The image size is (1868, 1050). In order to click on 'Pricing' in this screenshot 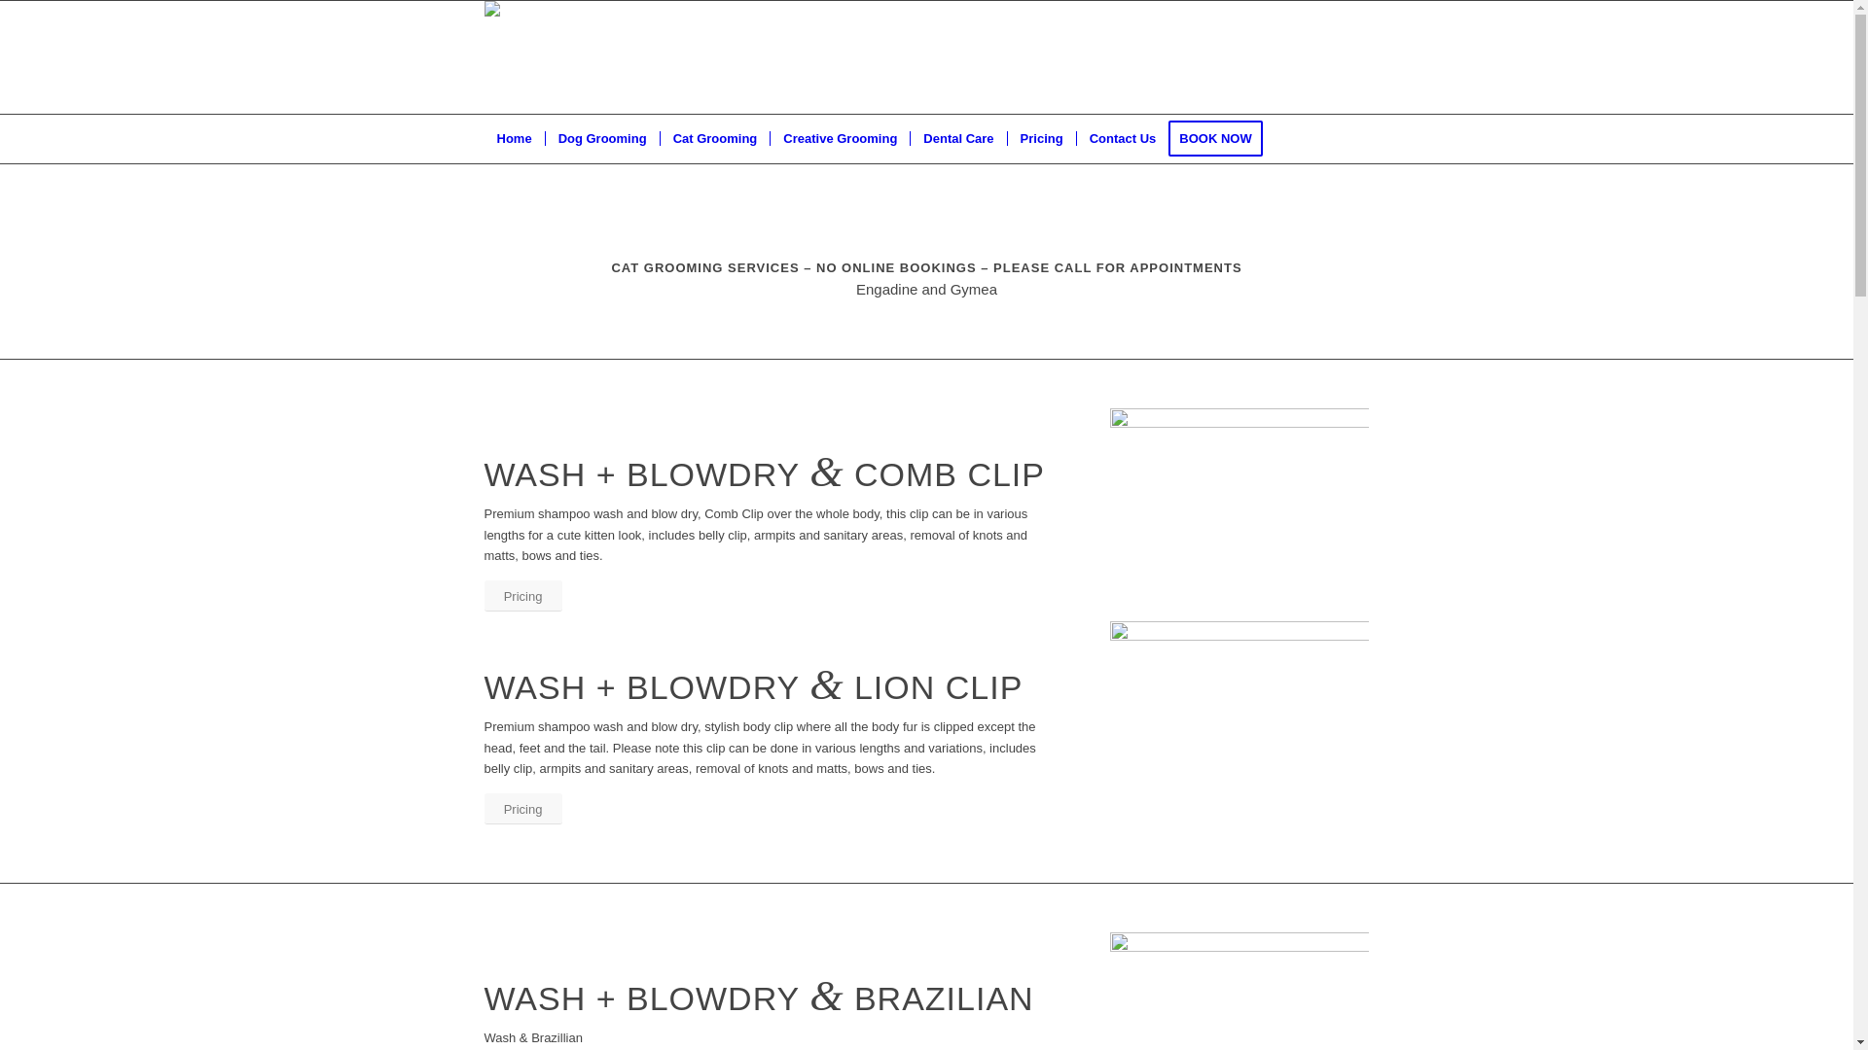, I will do `click(1040, 137)`.